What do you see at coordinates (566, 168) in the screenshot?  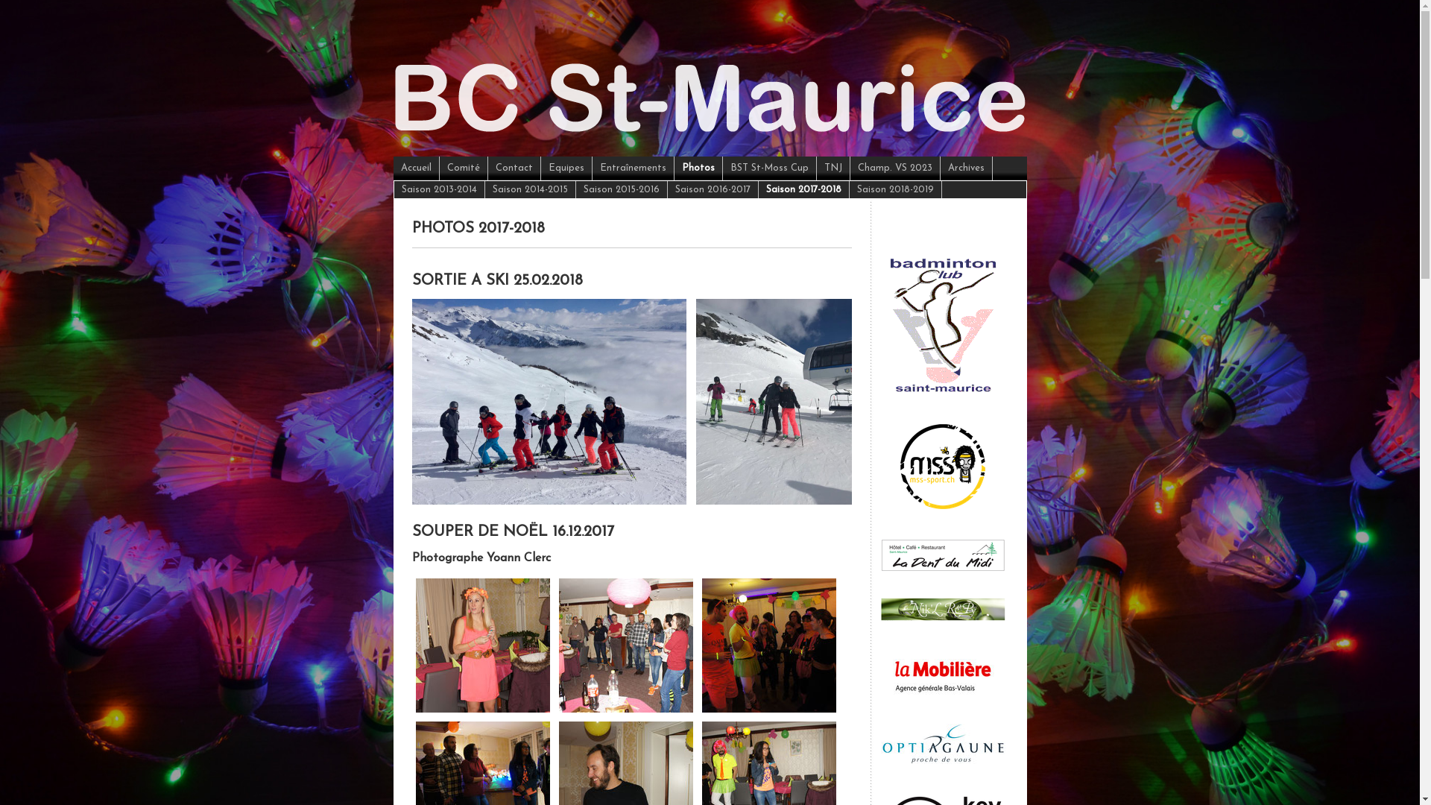 I see `'Equipes'` at bounding box center [566, 168].